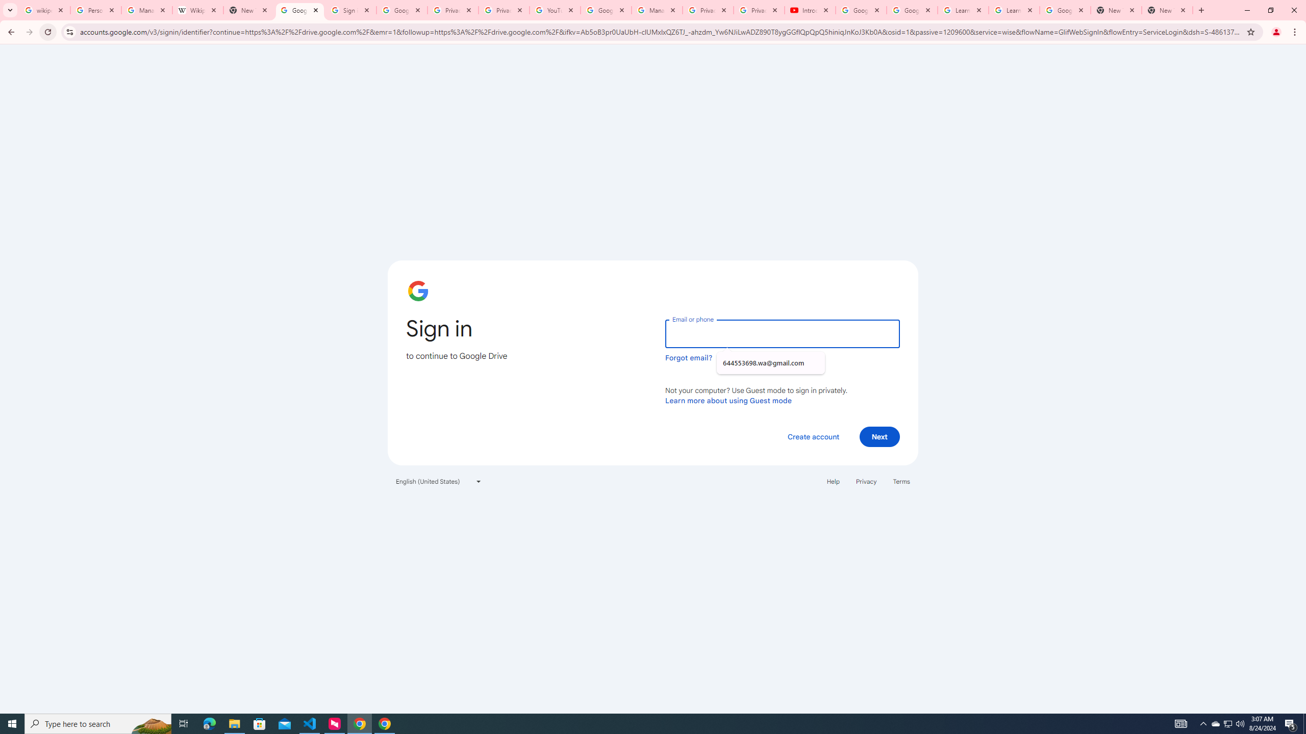  I want to click on 'Forgot email?', so click(688, 357).